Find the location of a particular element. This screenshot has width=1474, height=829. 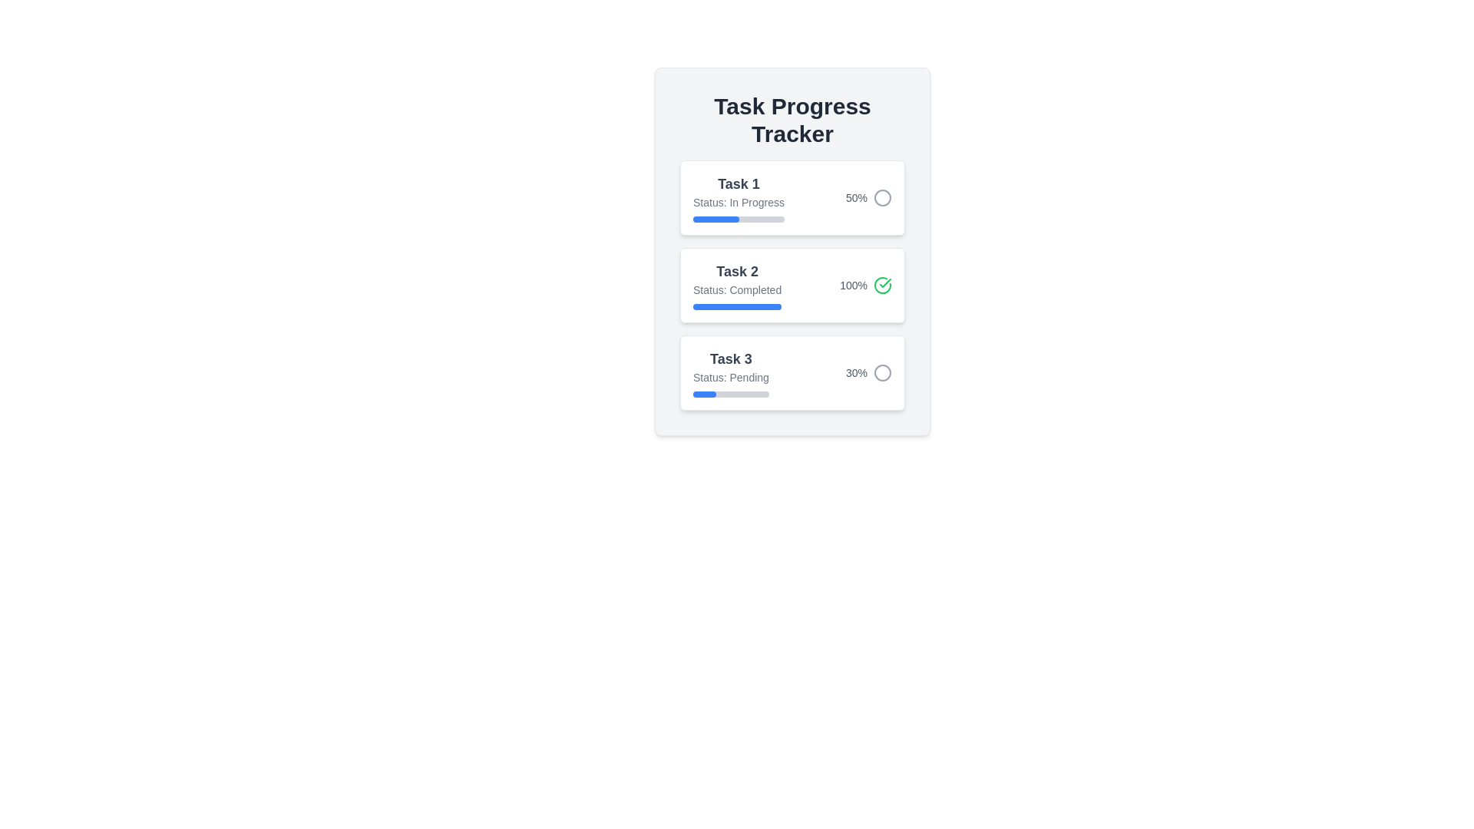

the Progress bar indicating the completion percentage for 'Task 2', which is a narrow horizontal bar with a blue fill on a gray background, located directly below the text 'Status: Completed' is located at coordinates (737, 307).